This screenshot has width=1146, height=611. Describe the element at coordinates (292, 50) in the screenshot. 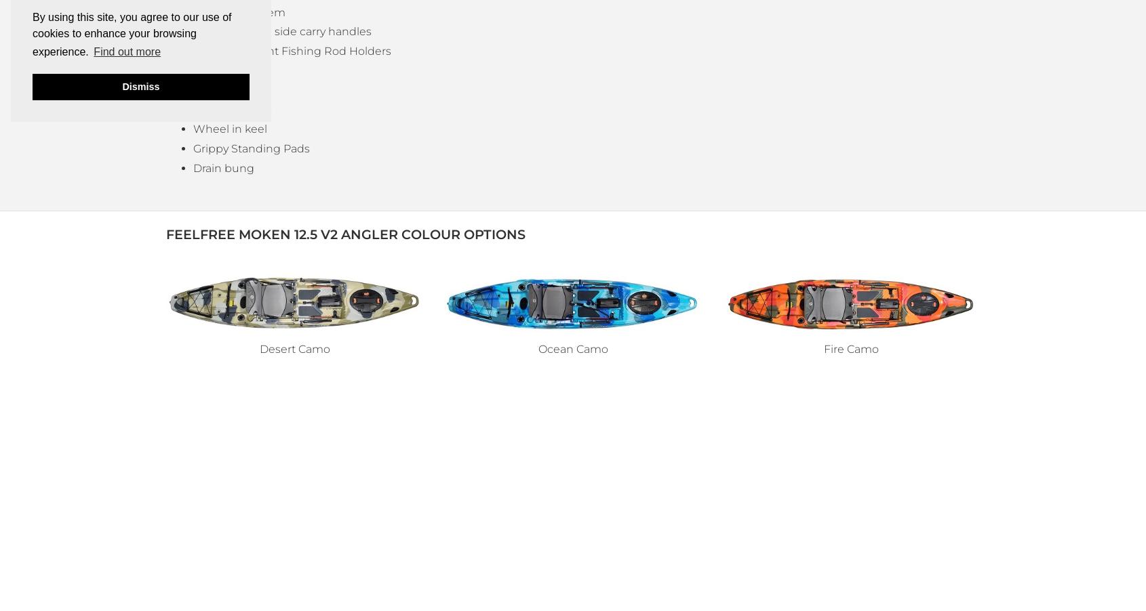

I see `'2 x Flush Mount Fishing Rod Holders'` at that location.